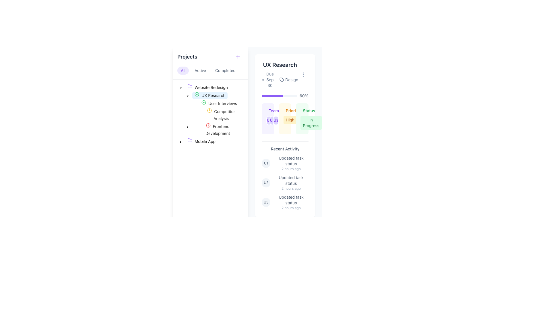  I want to click on the 'In Progress' status label with a light green background and dark green text located in the 'Status' section of the 'UX Research' card, so click(311, 123).